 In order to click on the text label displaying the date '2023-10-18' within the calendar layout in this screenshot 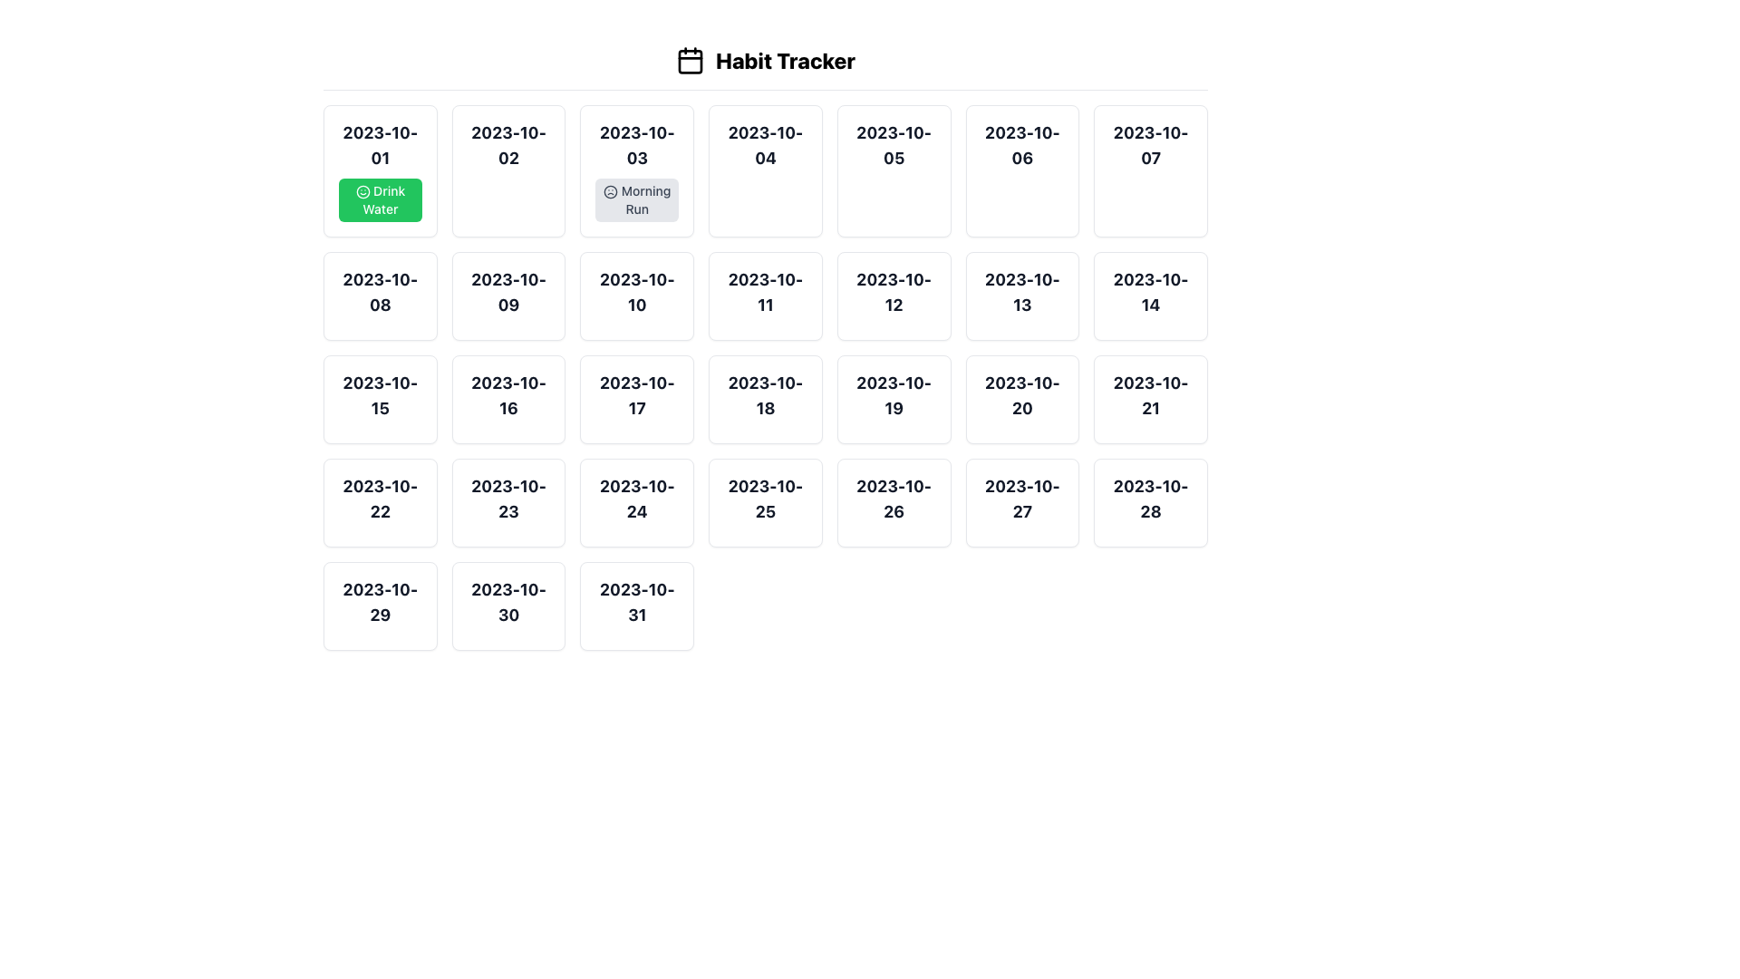, I will do `click(765, 394)`.